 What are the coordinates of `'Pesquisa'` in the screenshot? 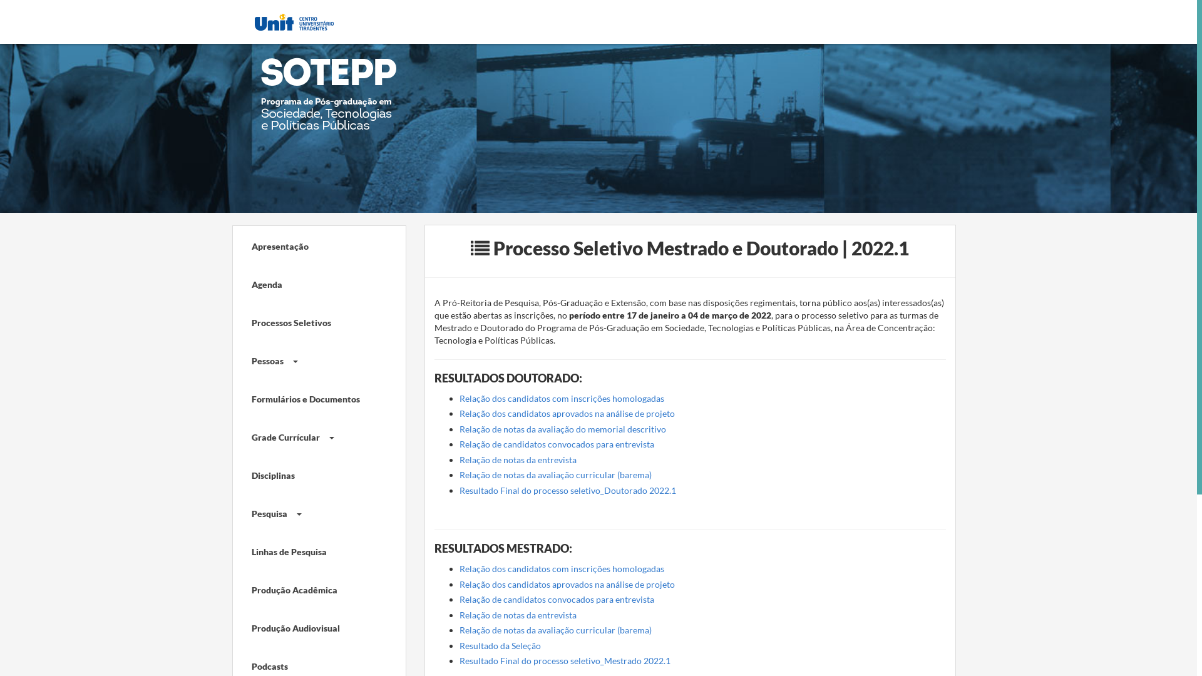 It's located at (309, 512).